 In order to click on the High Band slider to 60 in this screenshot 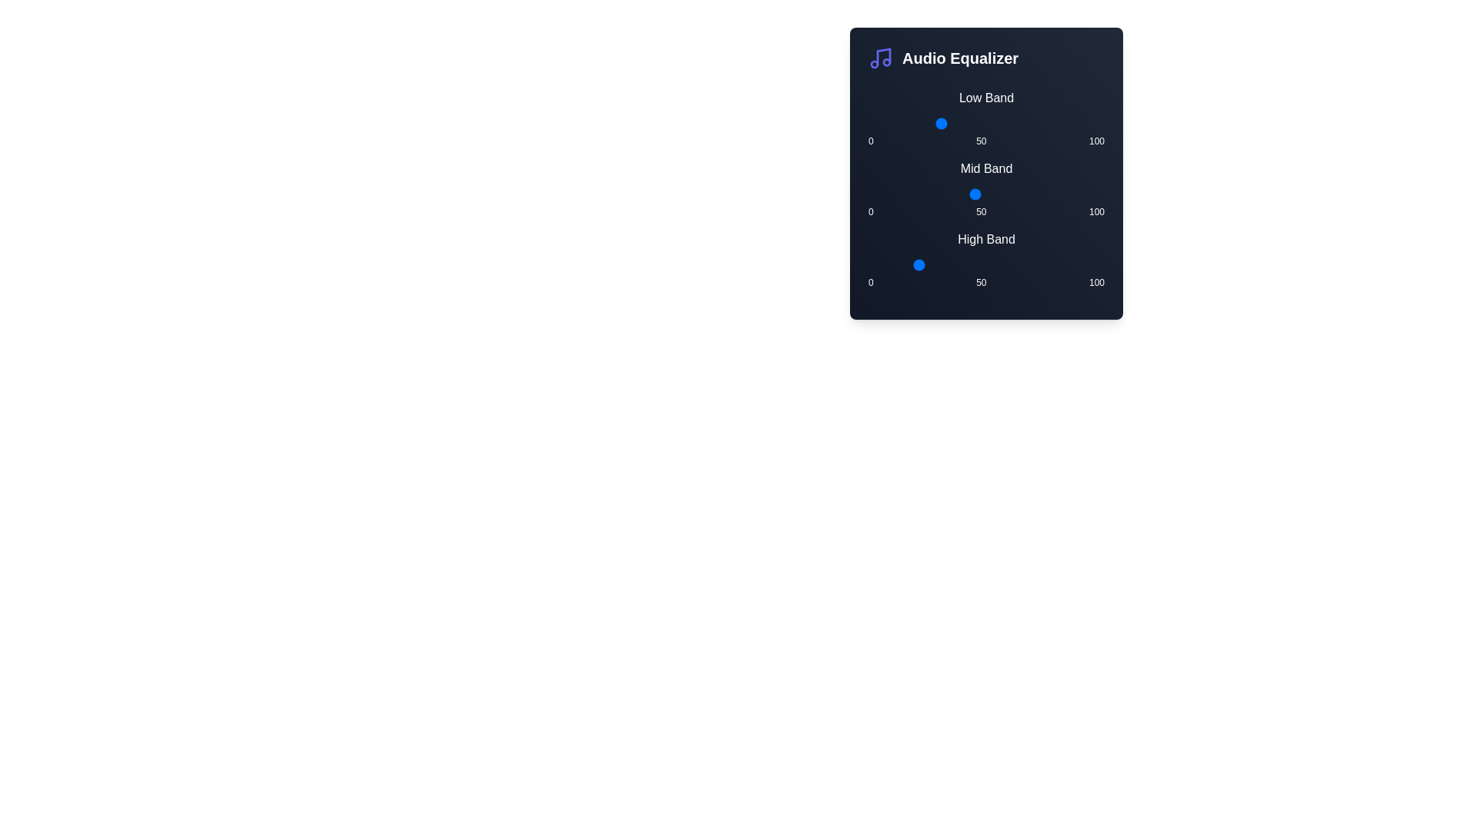, I will do `click(1010, 264)`.